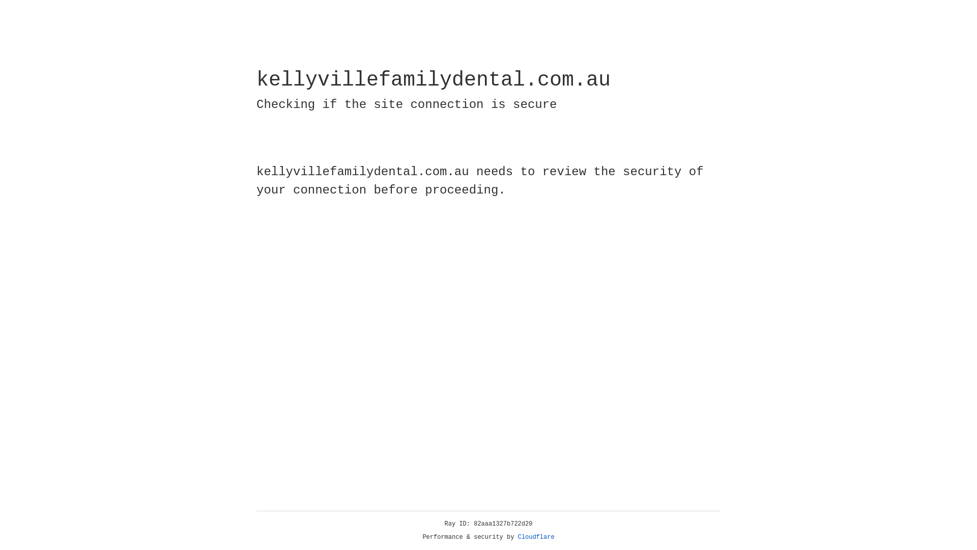 Image resolution: width=977 pixels, height=550 pixels. Describe the element at coordinates (536, 537) in the screenshot. I see `'Cloudflare'` at that location.